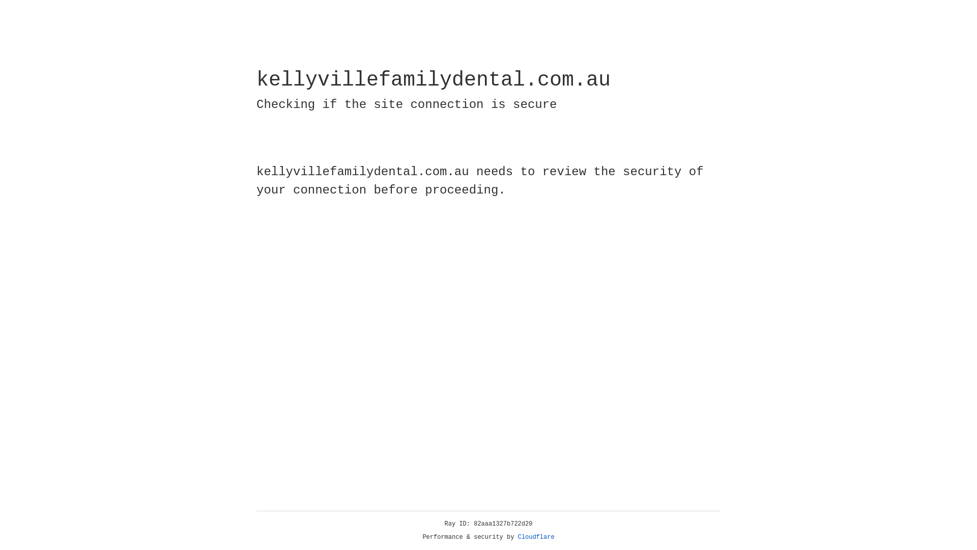 Image resolution: width=977 pixels, height=550 pixels. Describe the element at coordinates (536, 537) in the screenshot. I see `'Cloudflare'` at that location.